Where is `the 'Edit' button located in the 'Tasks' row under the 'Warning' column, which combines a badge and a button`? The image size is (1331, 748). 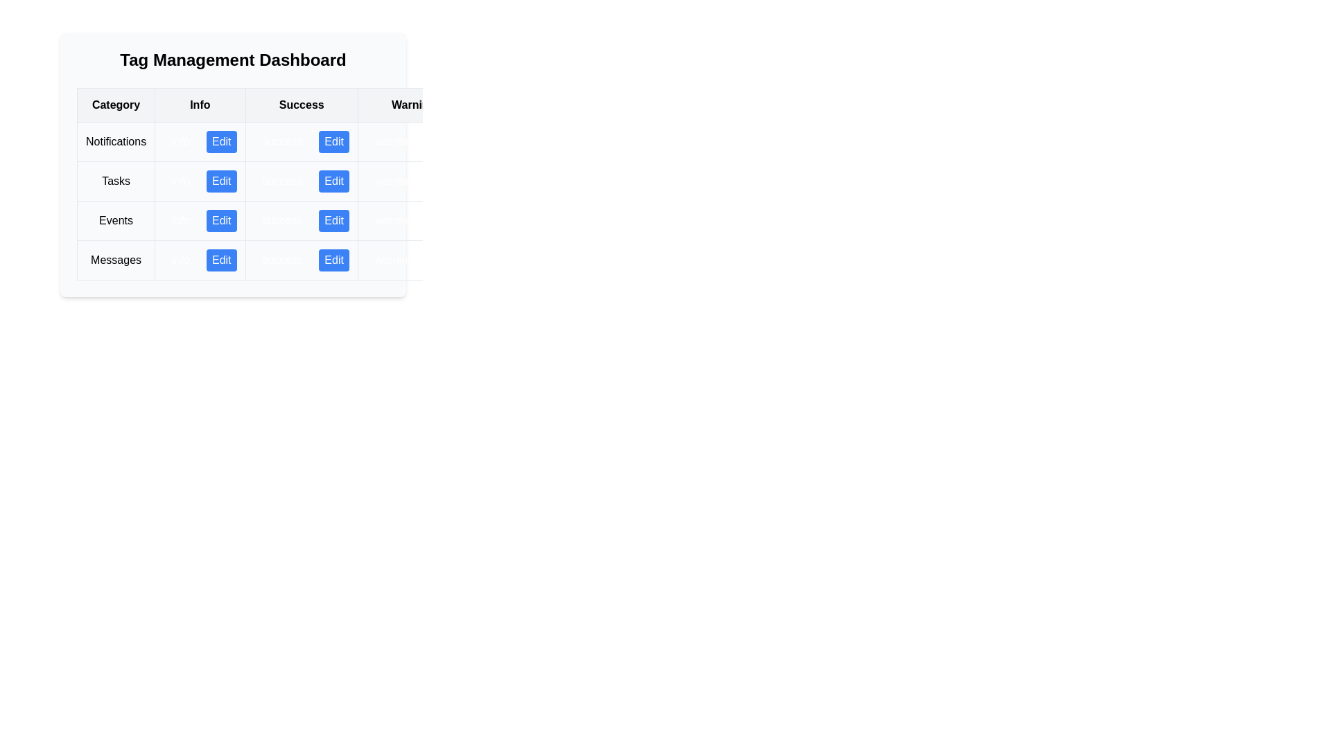 the 'Edit' button located in the 'Tasks' row under the 'Warning' column, which combines a badge and a button is located at coordinates (412, 181).